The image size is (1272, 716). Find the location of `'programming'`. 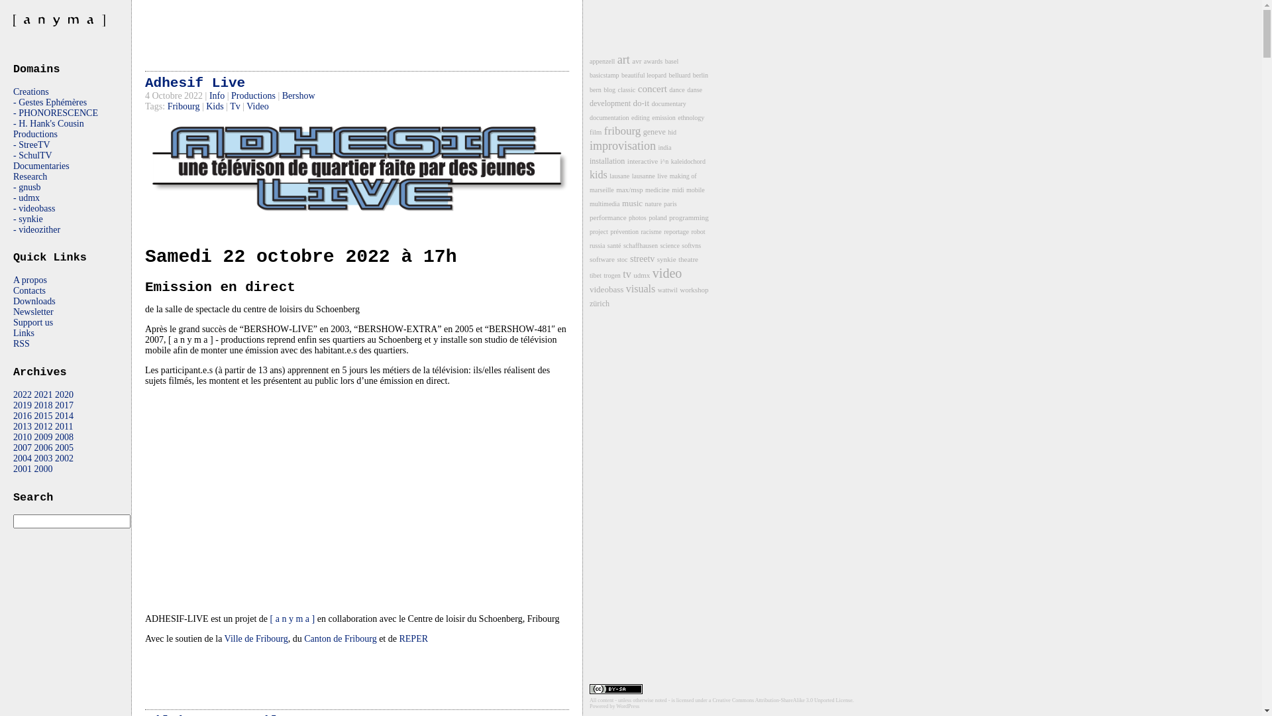

'programming' is located at coordinates (689, 216).